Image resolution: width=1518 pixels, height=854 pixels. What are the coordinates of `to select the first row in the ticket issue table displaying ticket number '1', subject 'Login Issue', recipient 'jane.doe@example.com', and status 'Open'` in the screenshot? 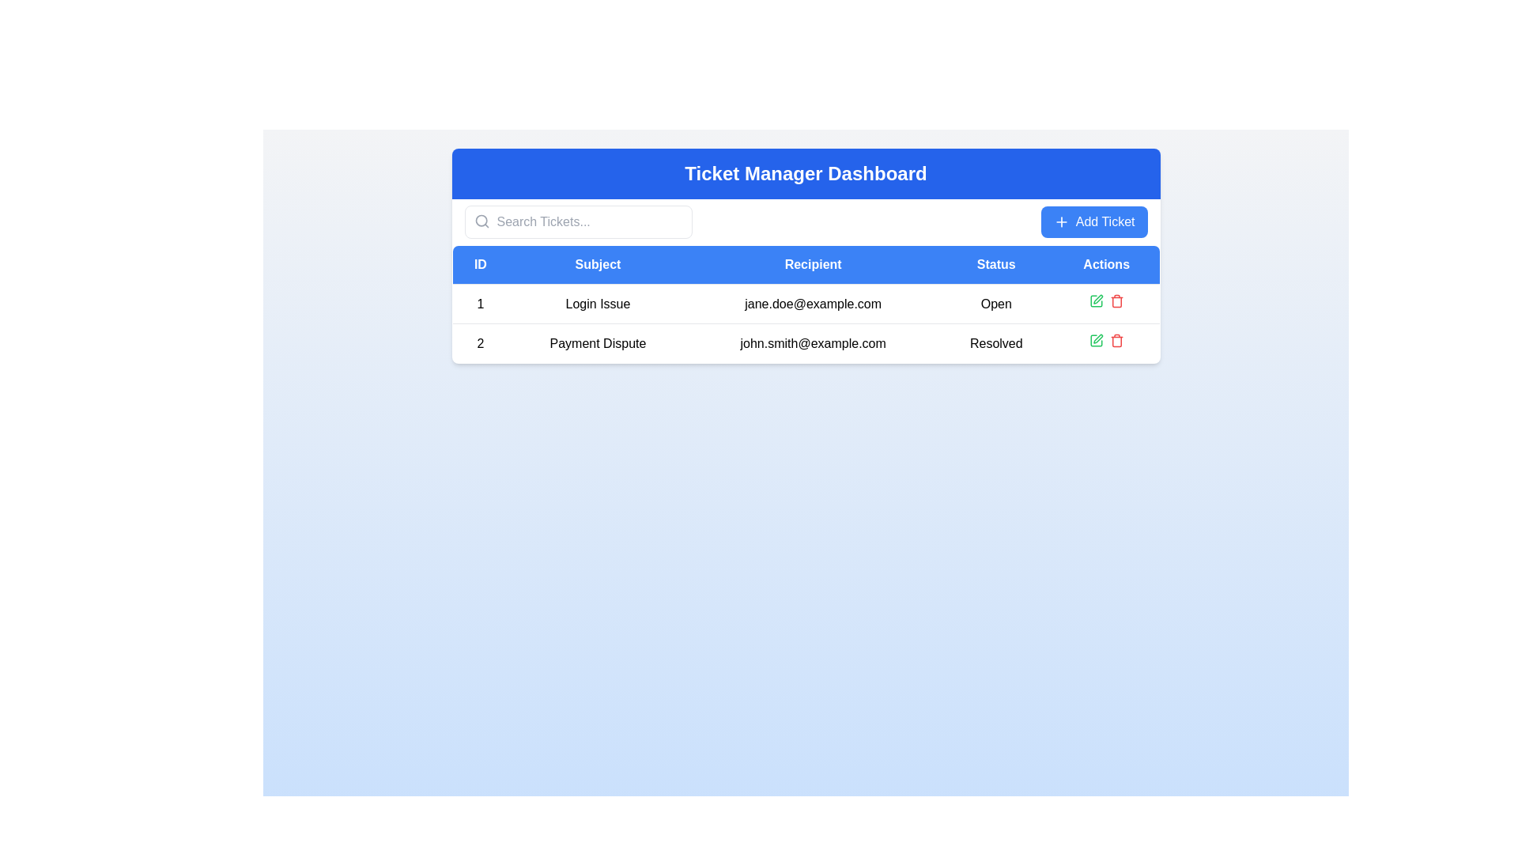 It's located at (806, 304).